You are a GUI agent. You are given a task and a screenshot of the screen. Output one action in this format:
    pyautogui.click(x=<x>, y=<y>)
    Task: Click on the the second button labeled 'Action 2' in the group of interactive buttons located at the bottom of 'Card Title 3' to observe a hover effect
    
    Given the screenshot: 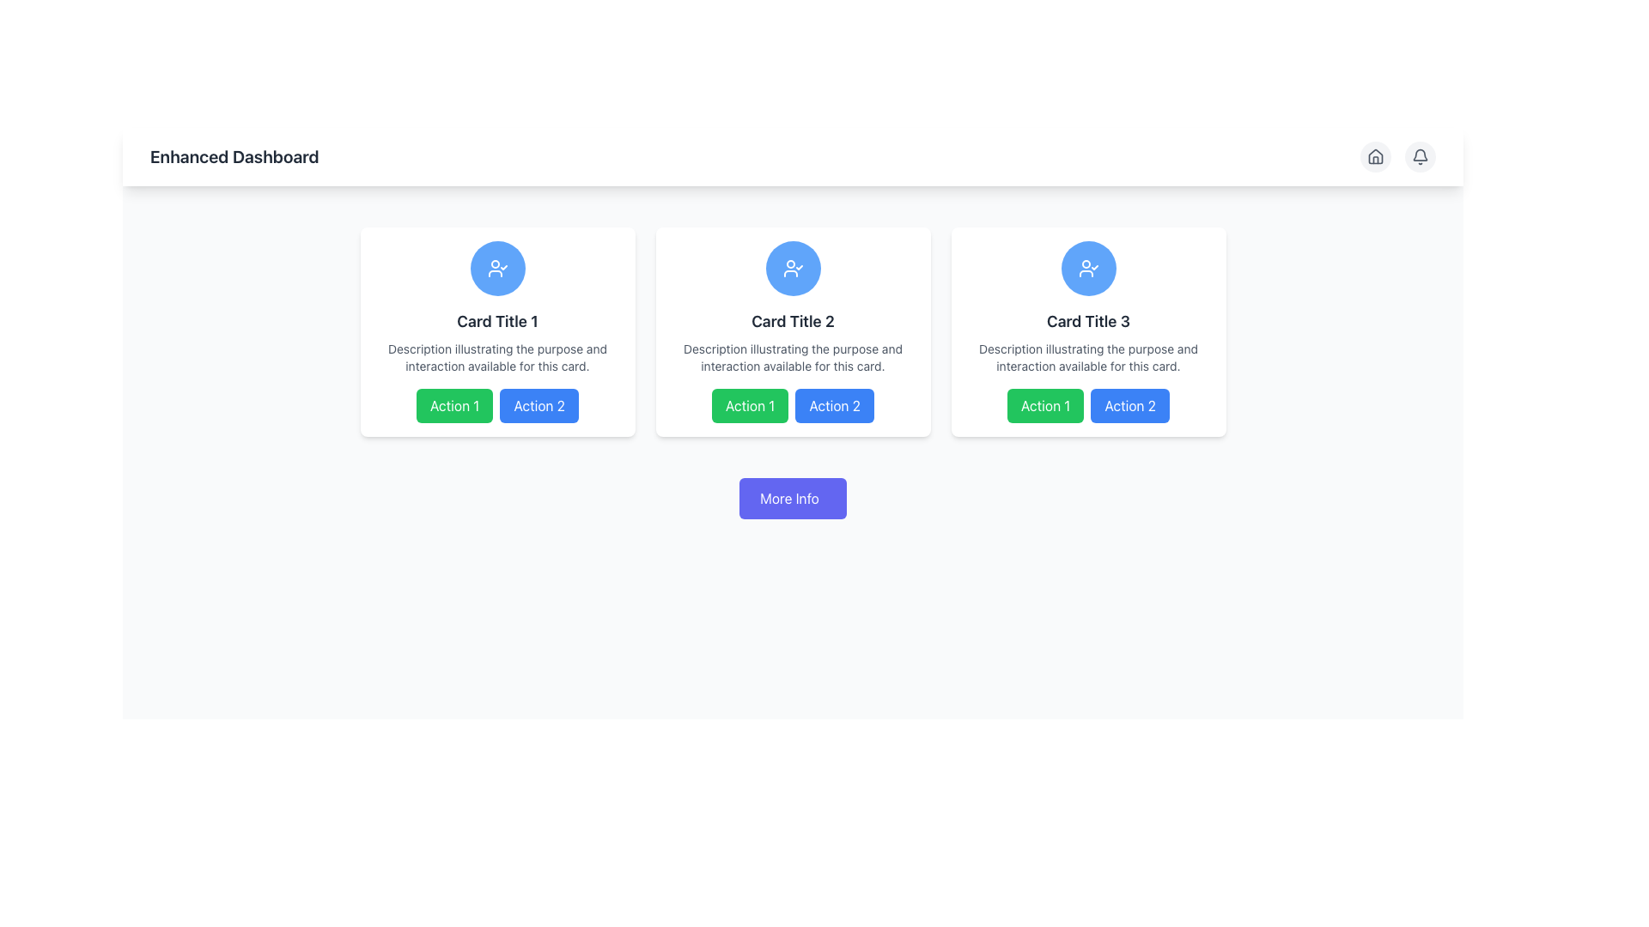 What is the action you would take?
    pyautogui.click(x=1087, y=406)
    